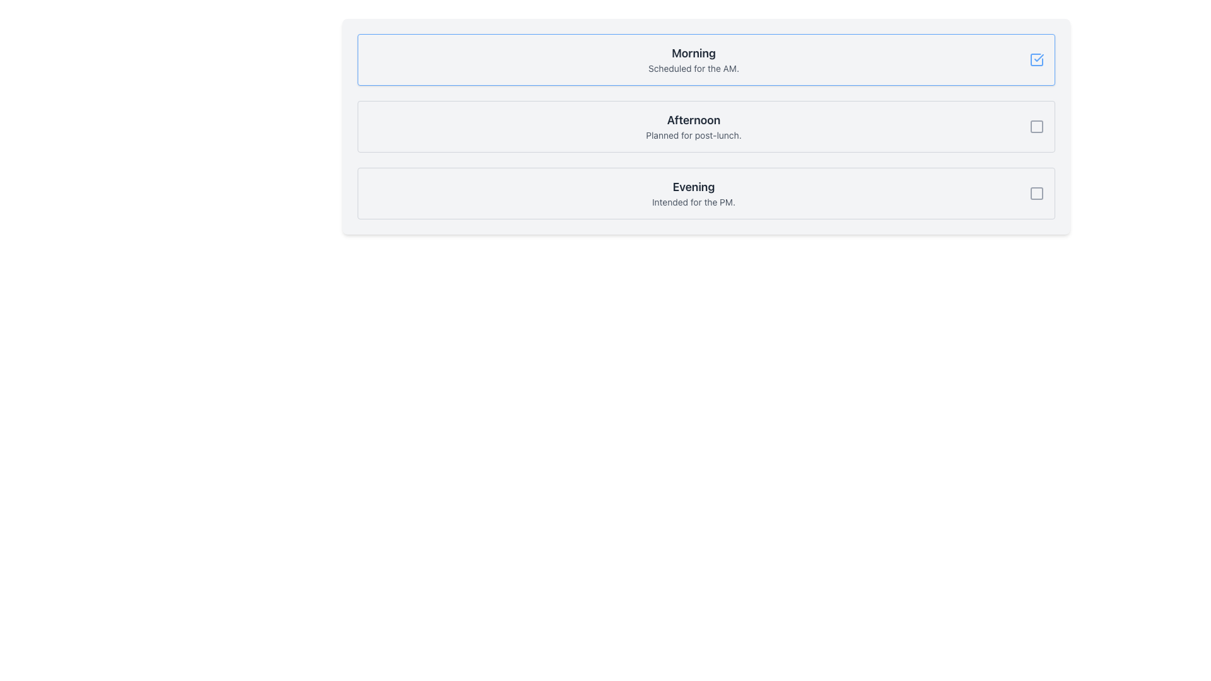 The image size is (1211, 681). I want to click on the empty checkbox located at the far right of the 'Evening' row in a vertical list of items labeled 'Morning', 'Afternoon', and 'Evening', so click(1036, 194).